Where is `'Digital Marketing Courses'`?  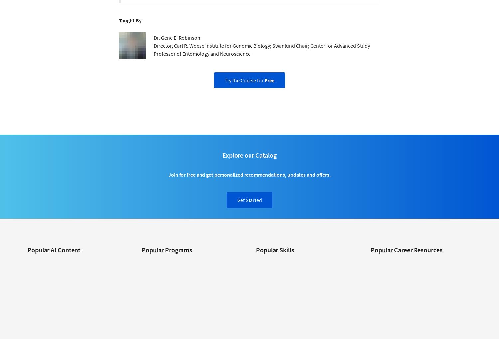 'Digital Marketing Courses' is located at coordinates (281, 291).